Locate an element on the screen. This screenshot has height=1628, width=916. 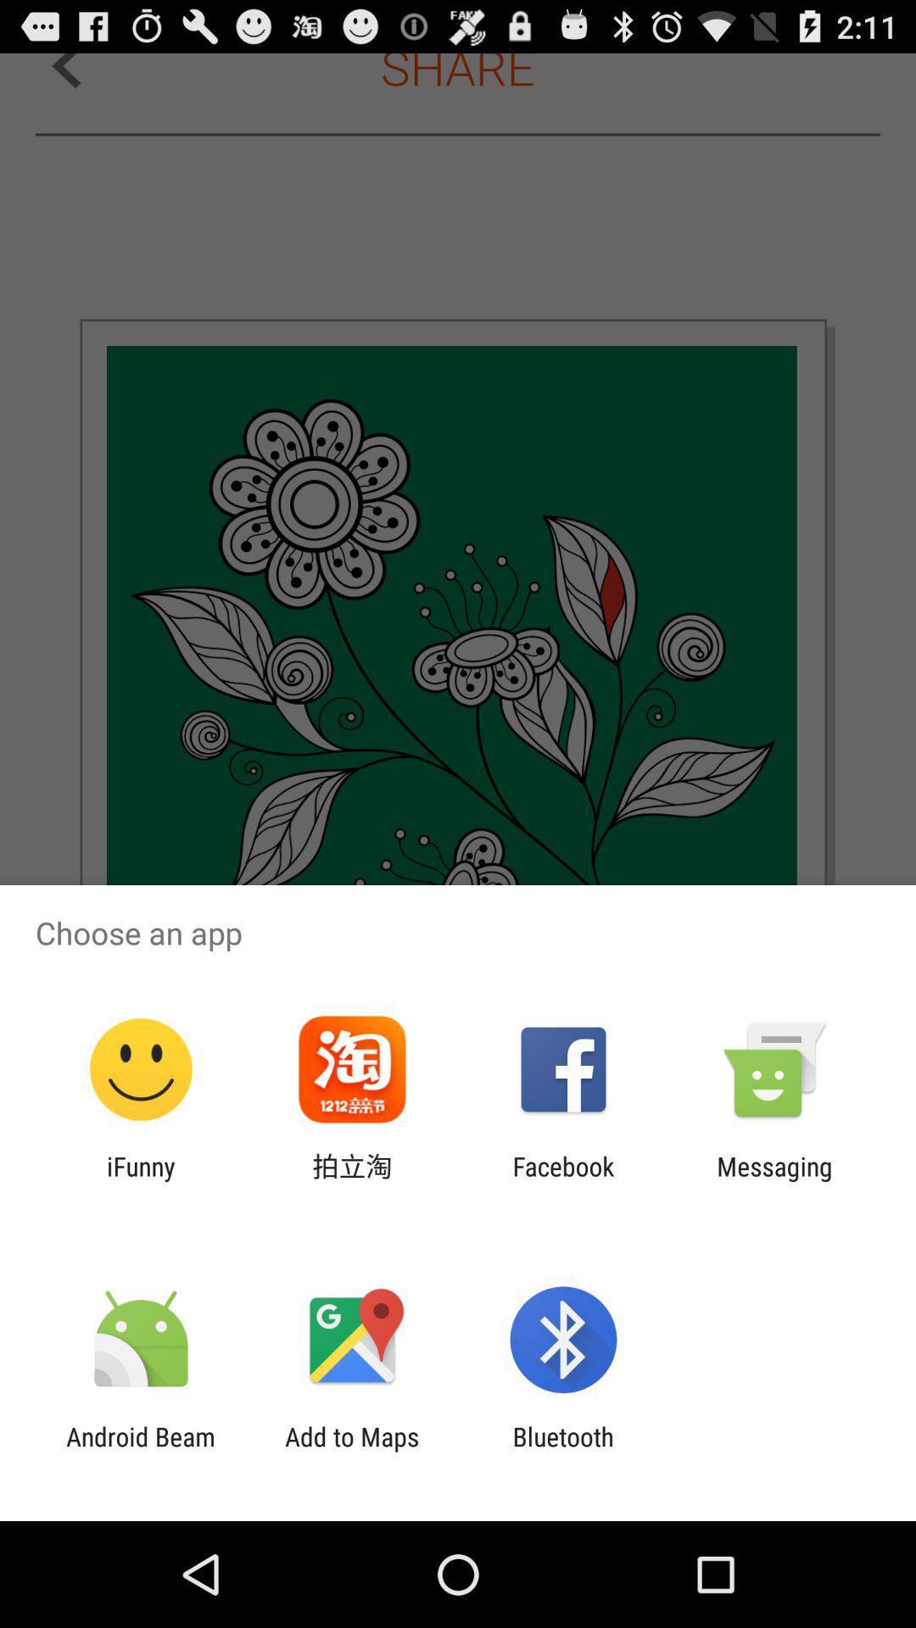
item to the right of the add to maps item is located at coordinates (563, 1451).